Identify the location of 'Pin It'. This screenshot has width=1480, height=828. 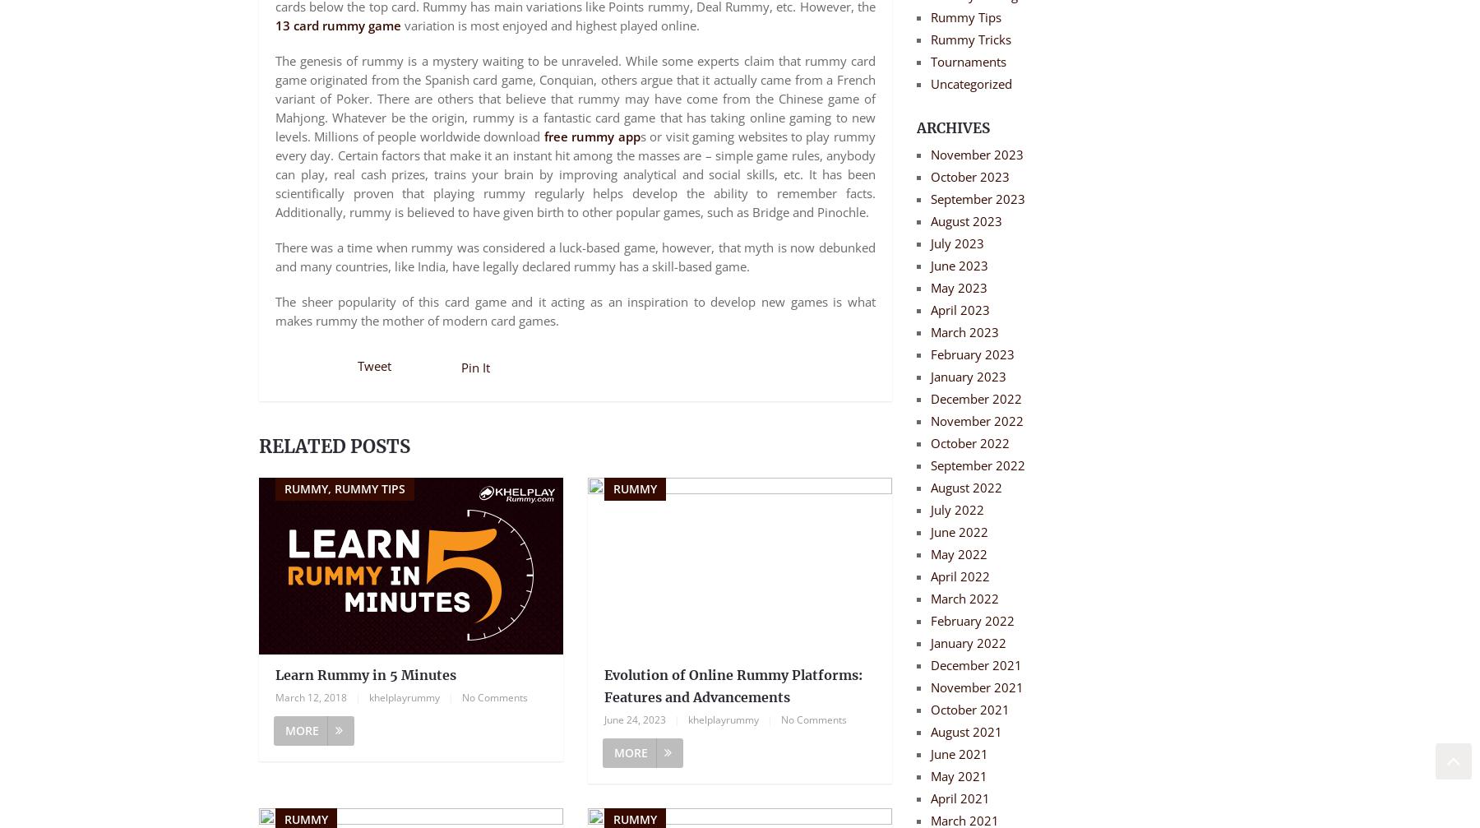
(475, 368).